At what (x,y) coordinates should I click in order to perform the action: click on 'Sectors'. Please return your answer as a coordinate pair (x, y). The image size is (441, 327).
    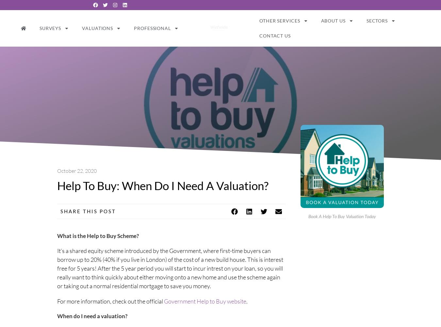
    Looking at the image, I should click on (376, 20).